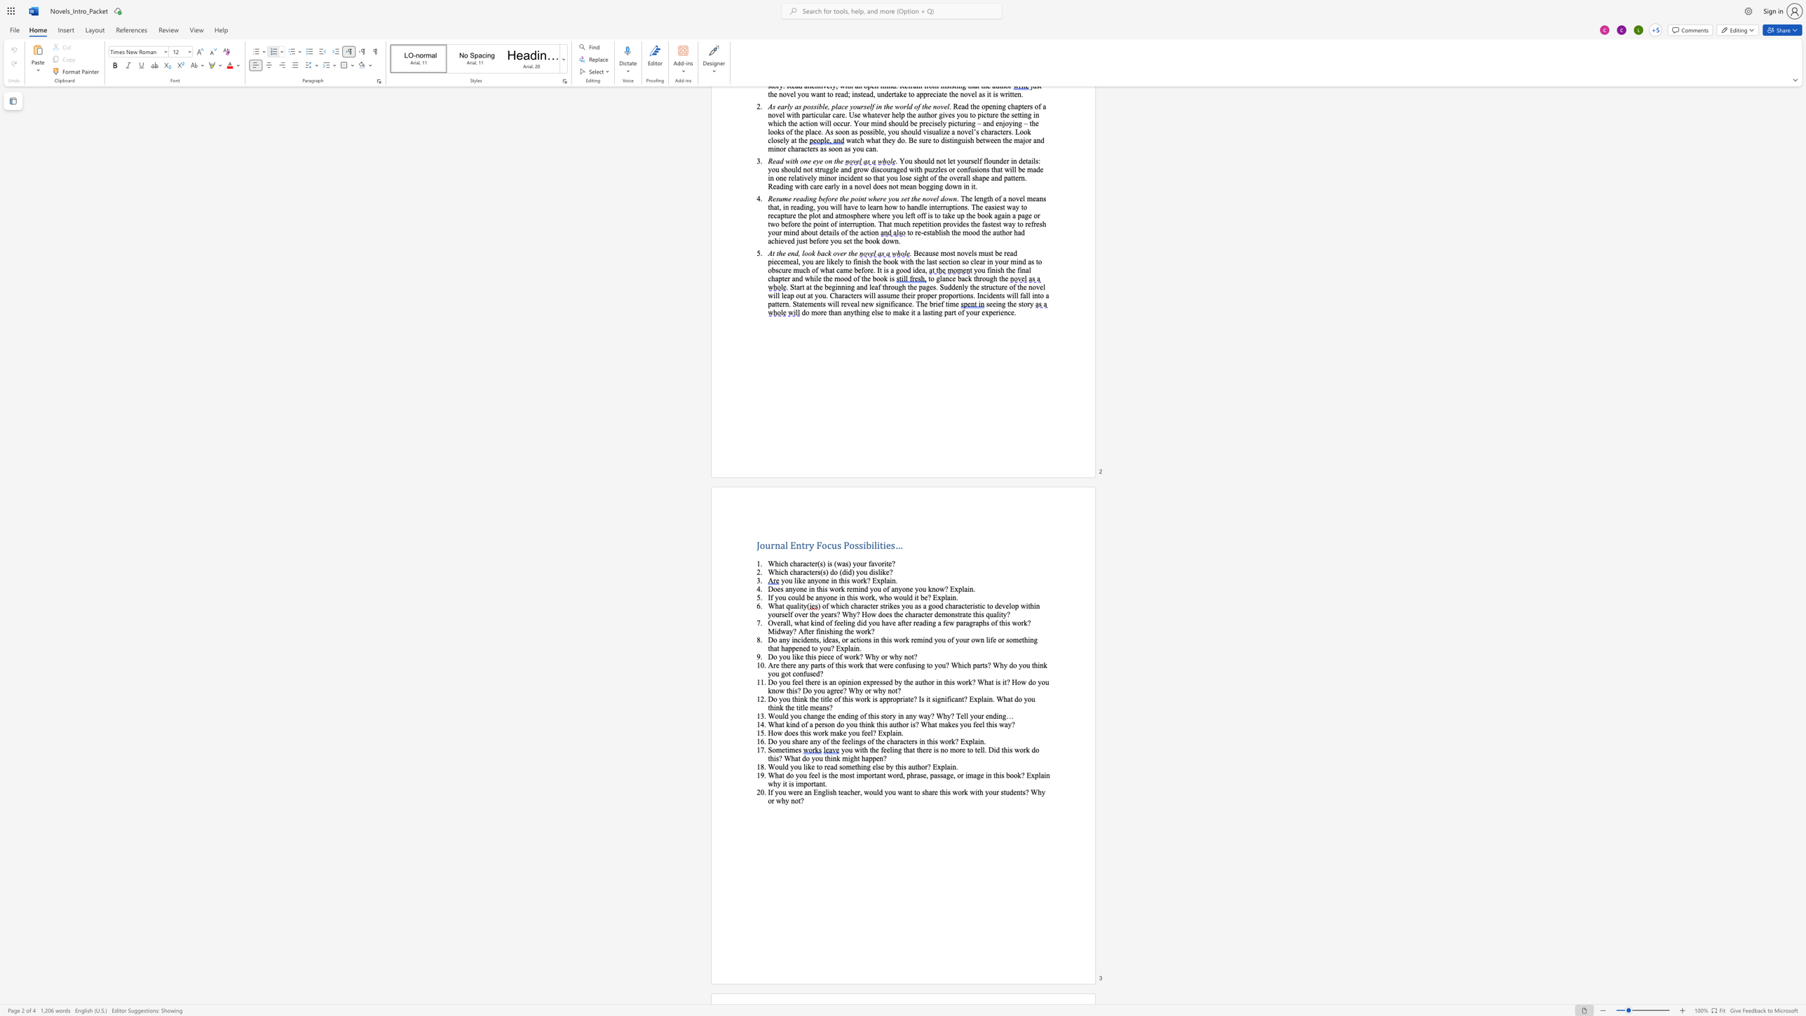 This screenshot has height=1016, width=1806. I want to click on the 10th character "h" in the text, so click(863, 758).